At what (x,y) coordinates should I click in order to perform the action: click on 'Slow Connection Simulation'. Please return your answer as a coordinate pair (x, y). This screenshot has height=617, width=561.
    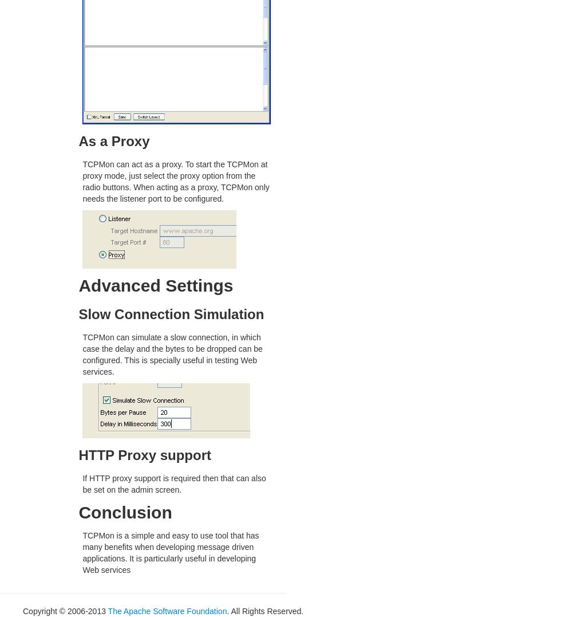
    Looking at the image, I should click on (78, 314).